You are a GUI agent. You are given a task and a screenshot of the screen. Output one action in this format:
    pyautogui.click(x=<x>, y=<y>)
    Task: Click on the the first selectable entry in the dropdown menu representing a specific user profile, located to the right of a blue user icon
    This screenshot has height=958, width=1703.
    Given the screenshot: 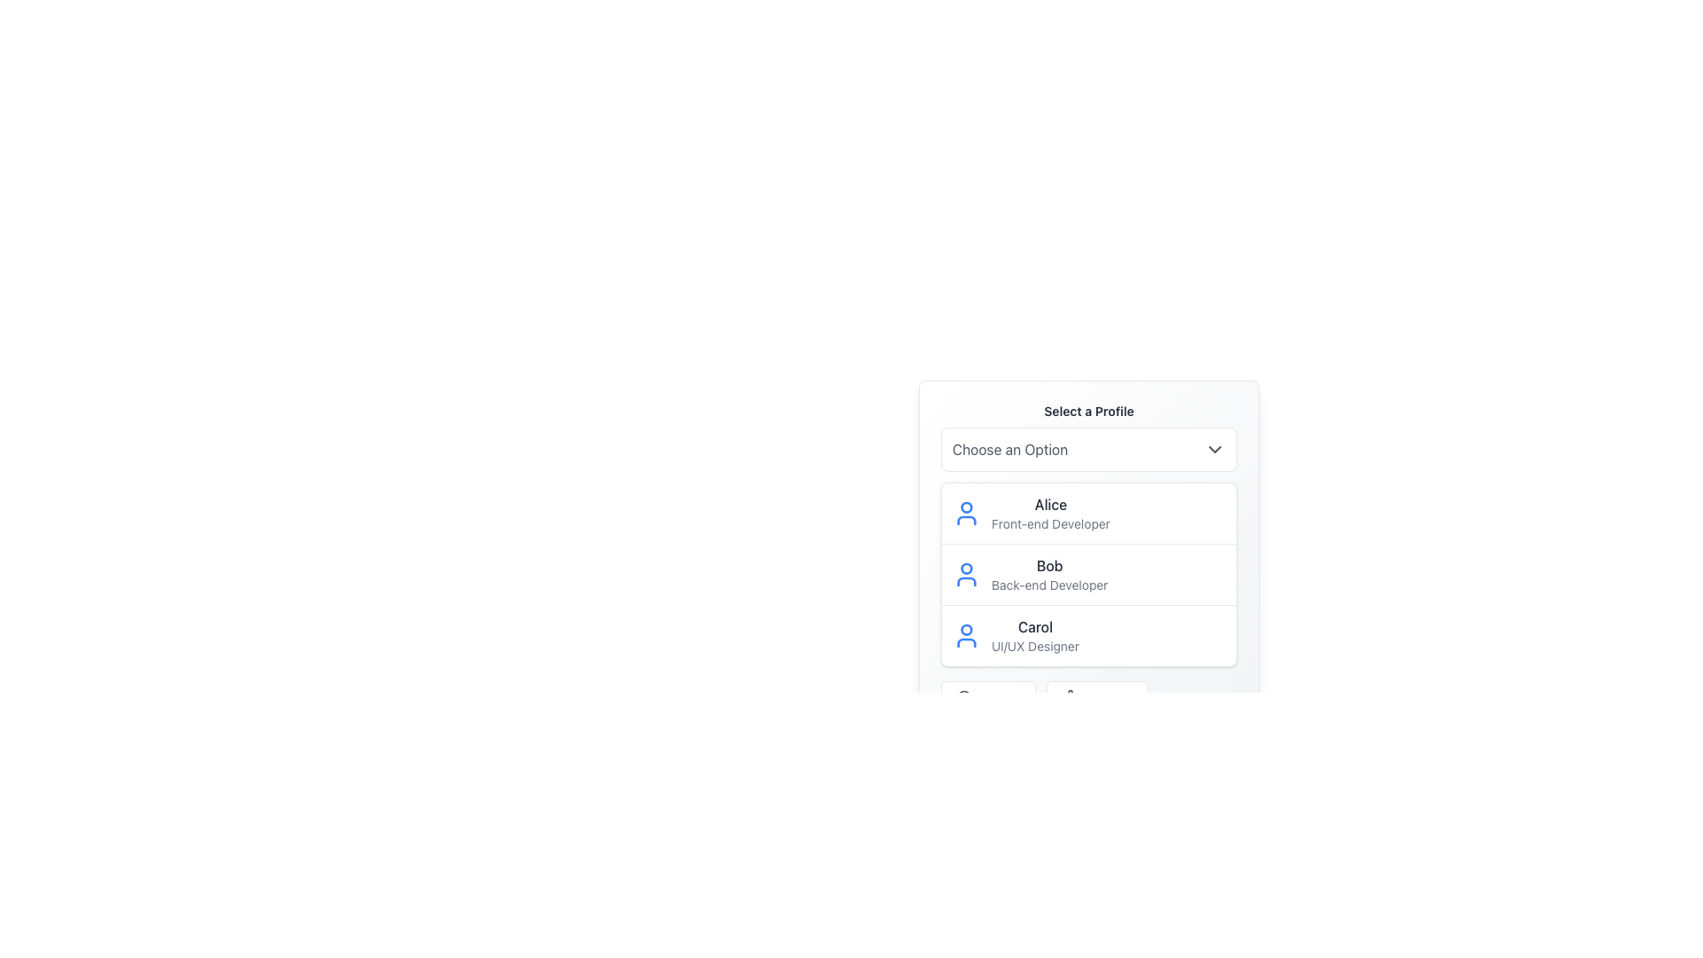 What is the action you would take?
    pyautogui.click(x=1051, y=513)
    